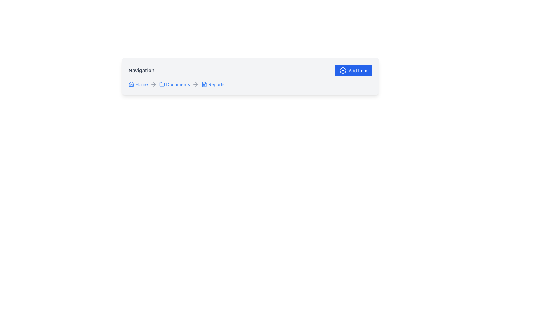 The image size is (551, 310). I want to click on the 'Documents' folder icon in the breadcrumb navigation bar, located between the 'Home' icon and the 'Documents' label, so click(162, 84).